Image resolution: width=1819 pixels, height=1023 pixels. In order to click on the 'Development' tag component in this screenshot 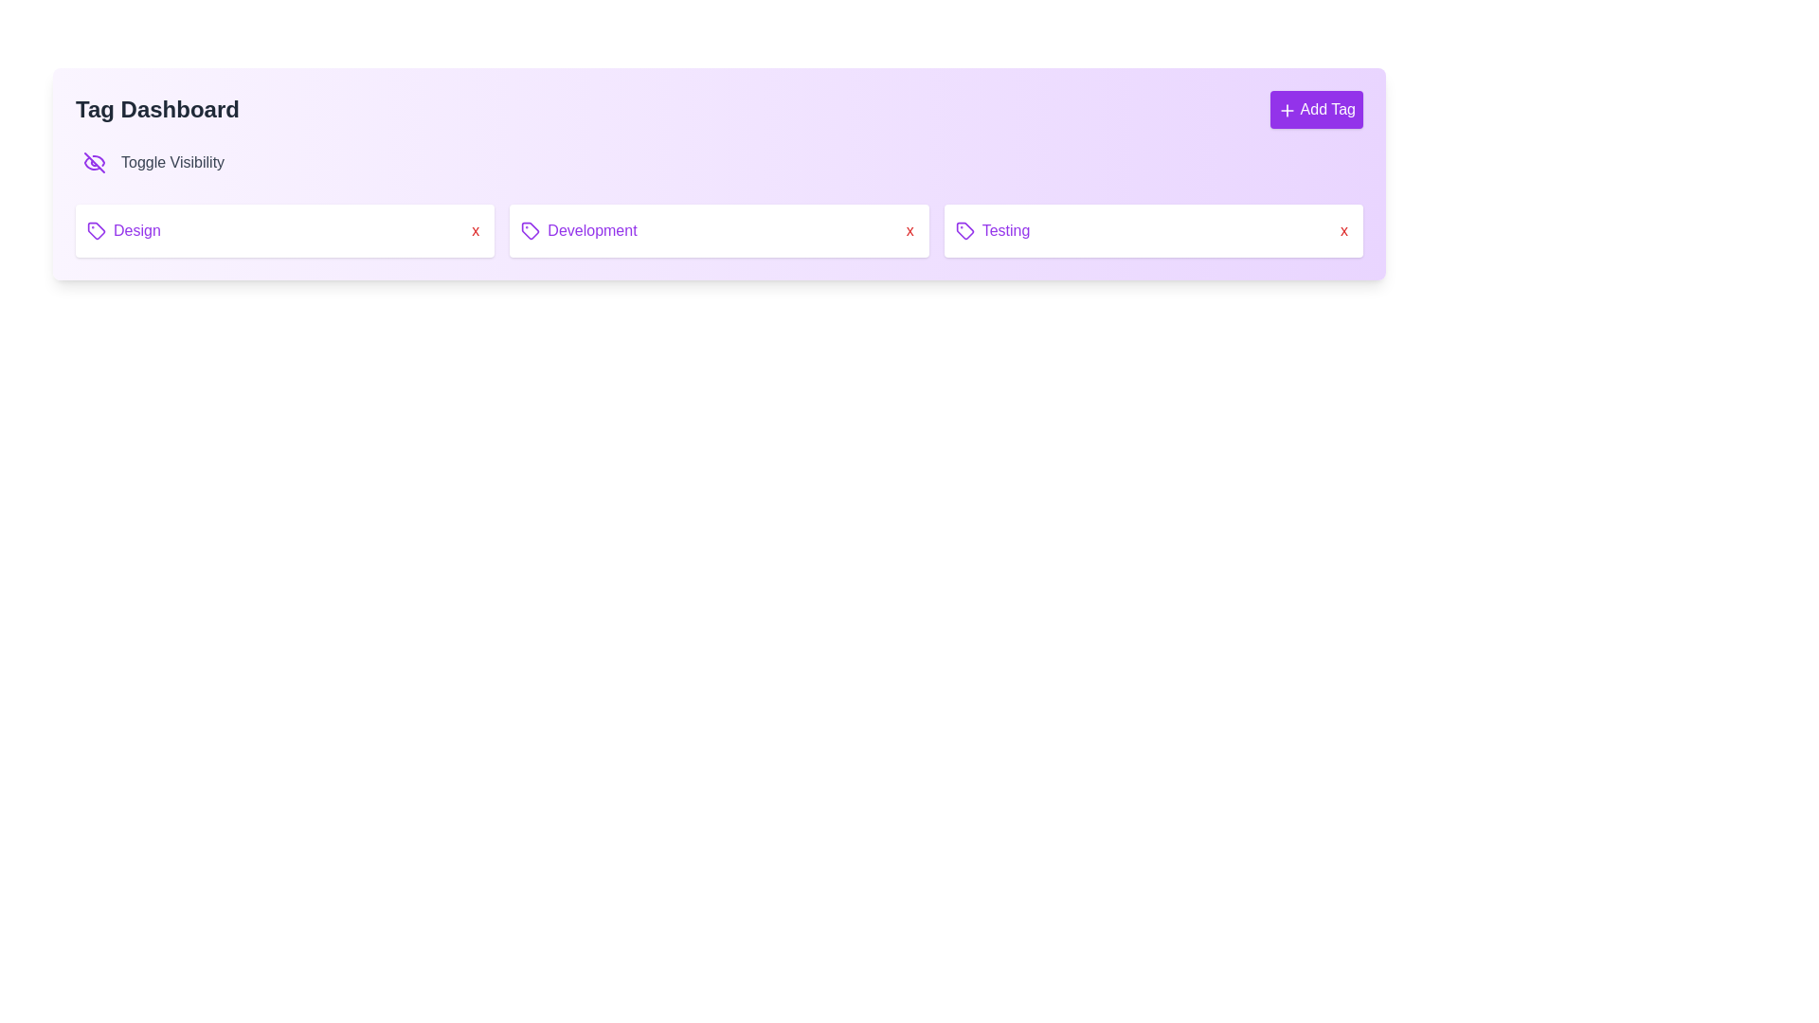, I will do `click(718, 229)`.